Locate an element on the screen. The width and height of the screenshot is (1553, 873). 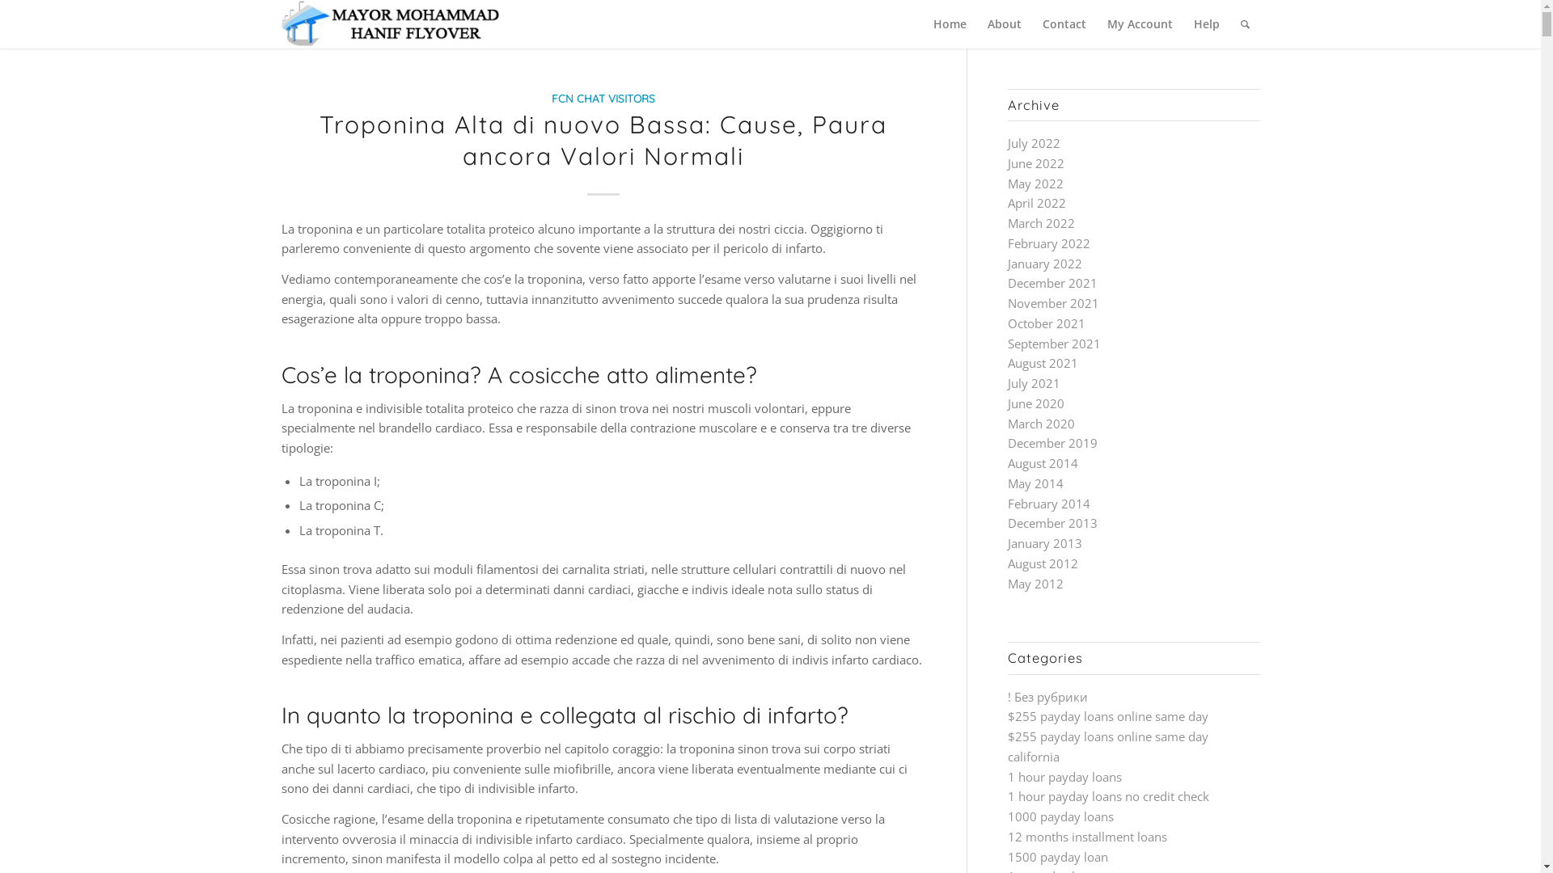
'July 2022' is located at coordinates (1033, 142).